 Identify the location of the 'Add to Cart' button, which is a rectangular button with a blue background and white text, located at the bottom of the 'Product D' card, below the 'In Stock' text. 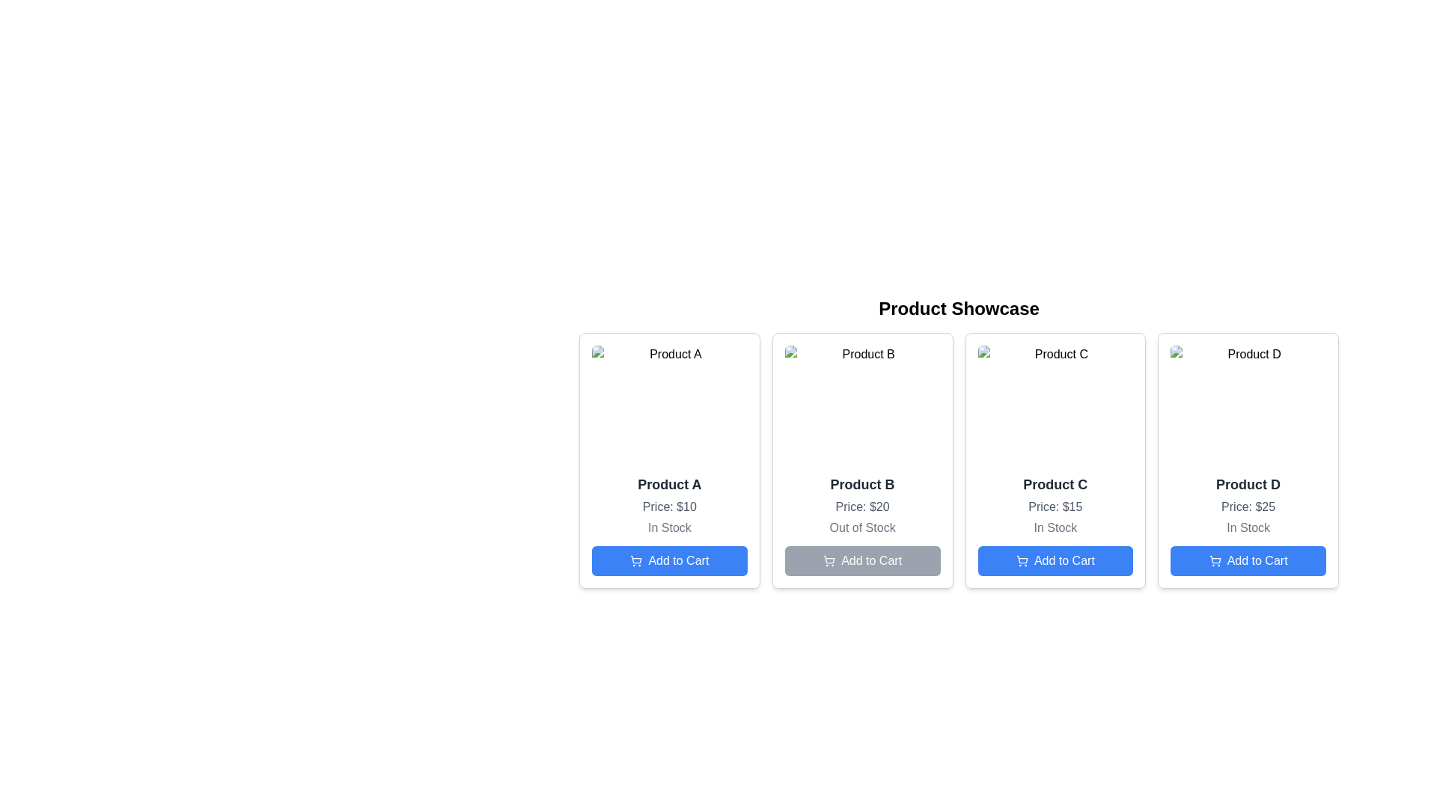
(1248, 560).